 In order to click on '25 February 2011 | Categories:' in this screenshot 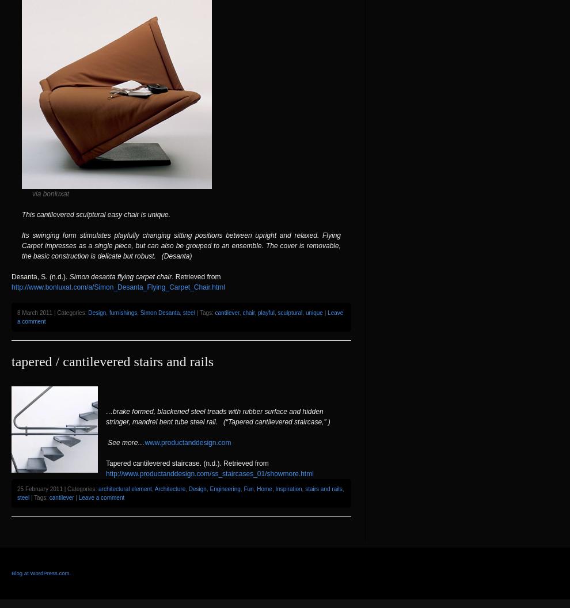, I will do `click(16, 488)`.